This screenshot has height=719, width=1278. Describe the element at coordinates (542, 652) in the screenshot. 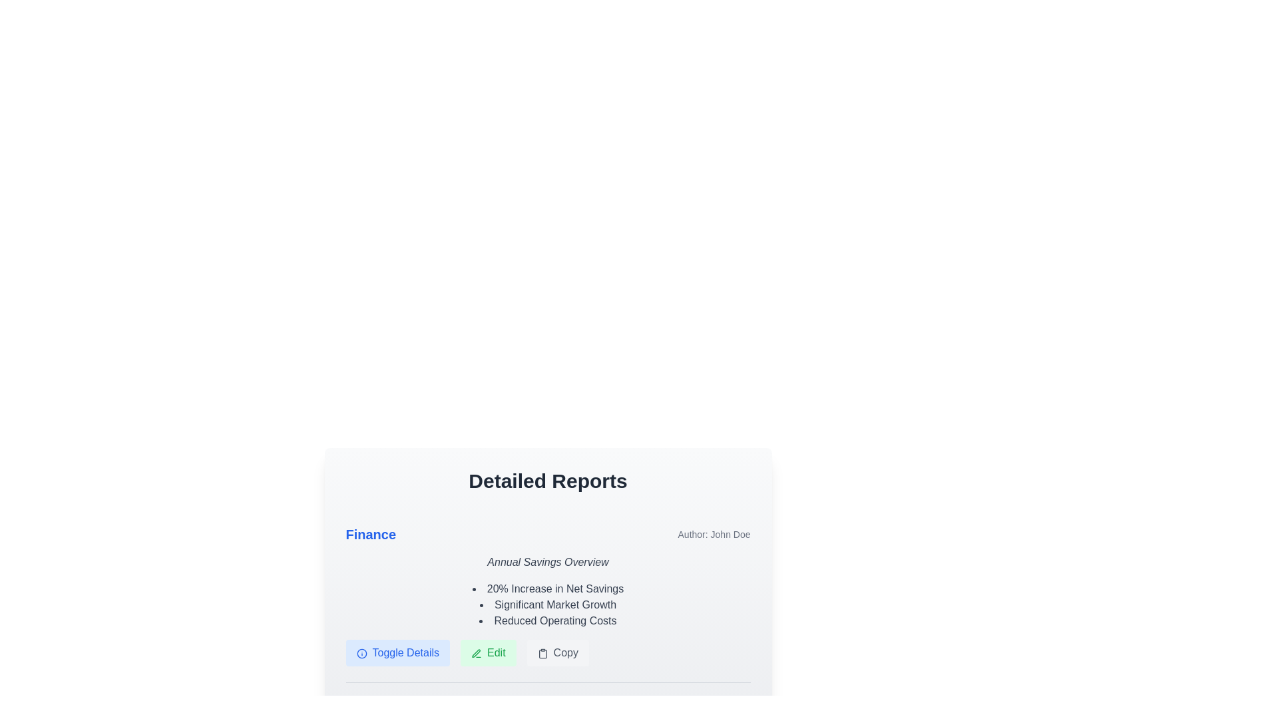

I see `the clipboard icon which is part of the 'Copy' button located at the bottom right of the detailed reports section, adjacent to the text 'Copy'` at that location.